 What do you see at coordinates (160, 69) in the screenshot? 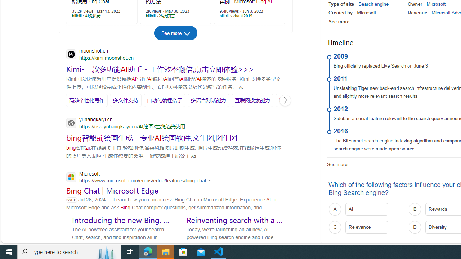
I see `'SERP,5711'` at bounding box center [160, 69].